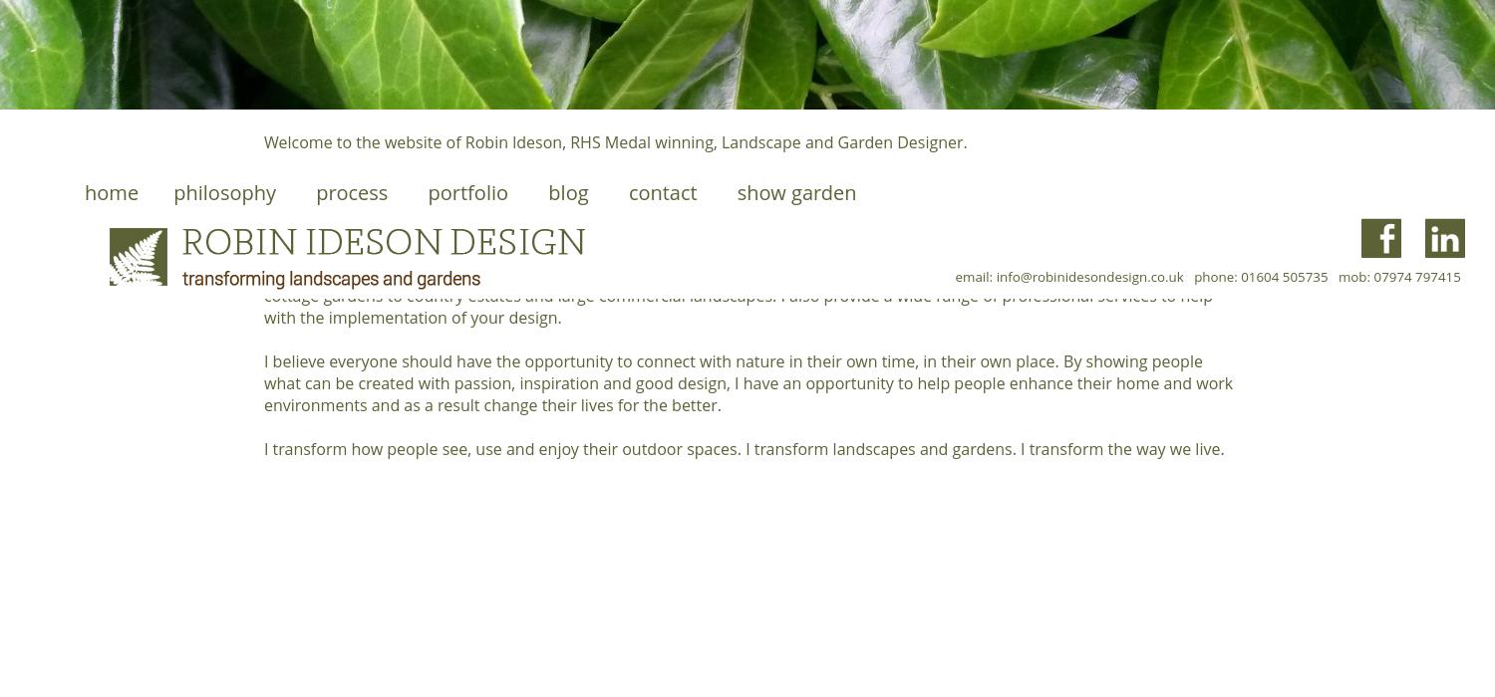  Describe the element at coordinates (748, 208) in the screenshot. I see `'My award winning Design Practice is based in the pretty village of Creaton in rural
Northamptonshire. My central position means l cover a wide range of areas, from
Leicestershire and Warwickshire in the north, to Buckinghamshire and
London in the south, from the Cotswolds to East Anglia.'` at that location.